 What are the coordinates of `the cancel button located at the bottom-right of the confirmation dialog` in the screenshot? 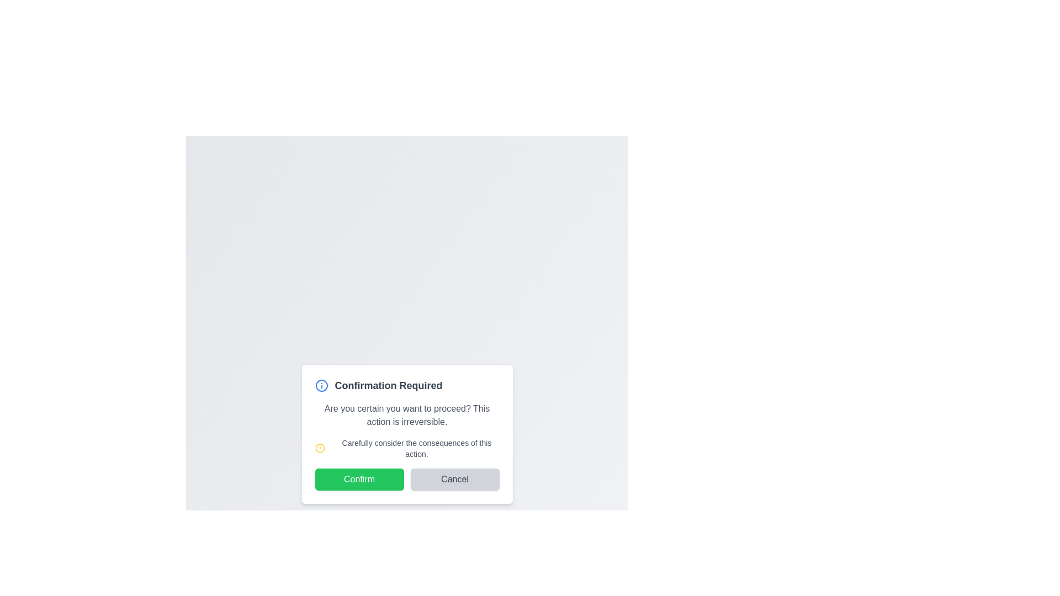 It's located at (455, 478).